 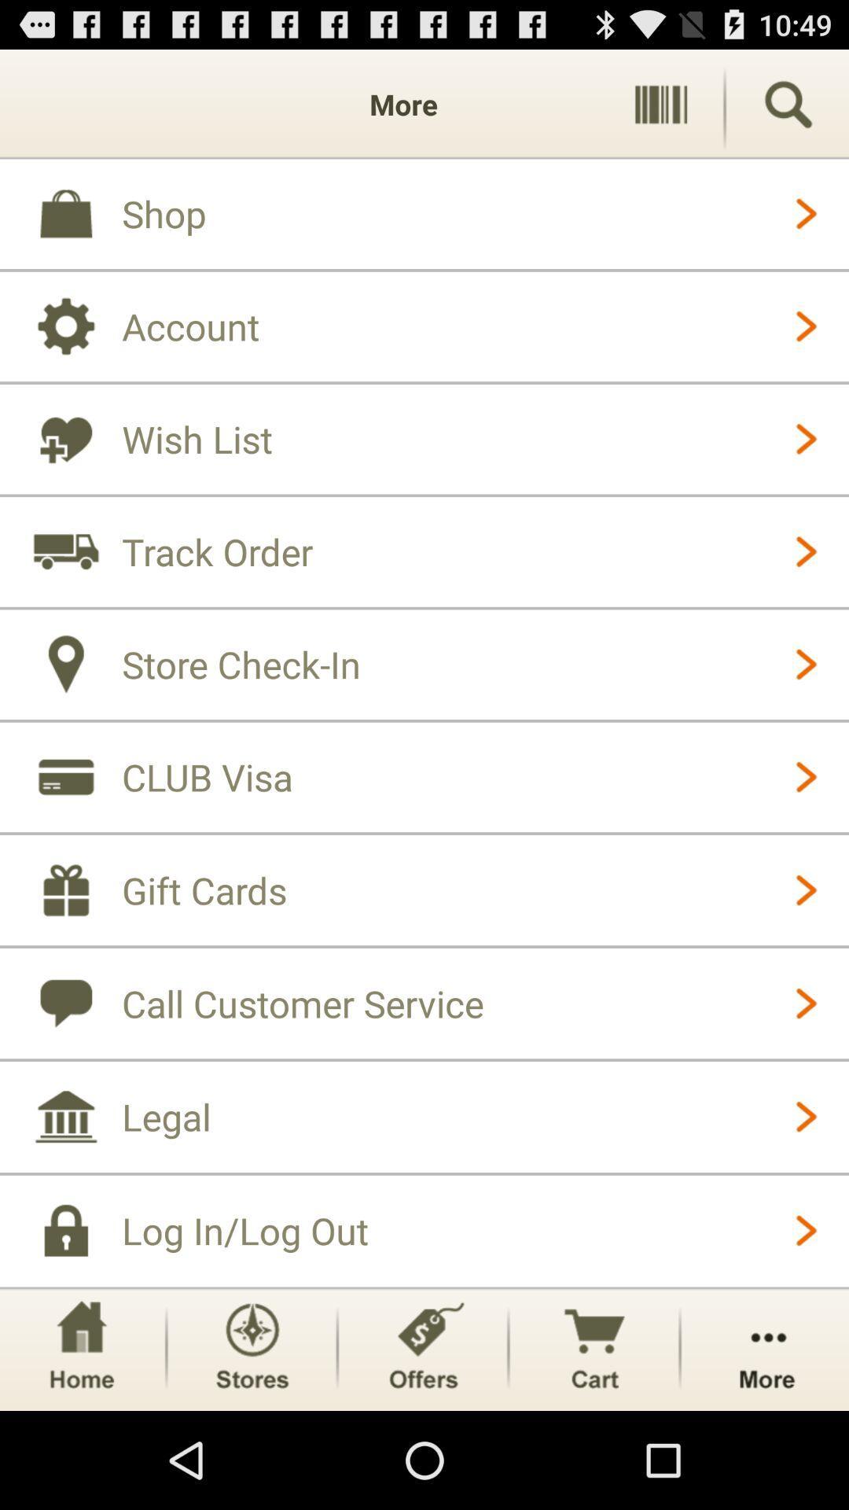 What do you see at coordinates (594, 1443) in the screenshot?
I see `the cart icon` at bounding box center [594, 1443].